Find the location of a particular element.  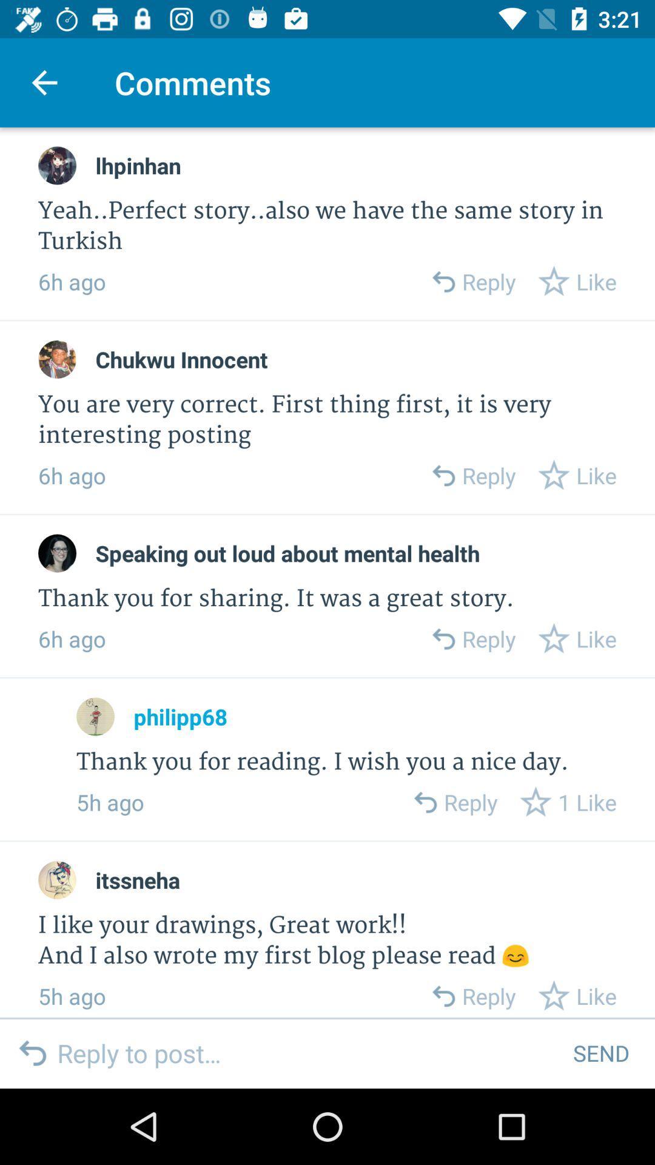

icon below thank you for is located at coordinates (180, 717).